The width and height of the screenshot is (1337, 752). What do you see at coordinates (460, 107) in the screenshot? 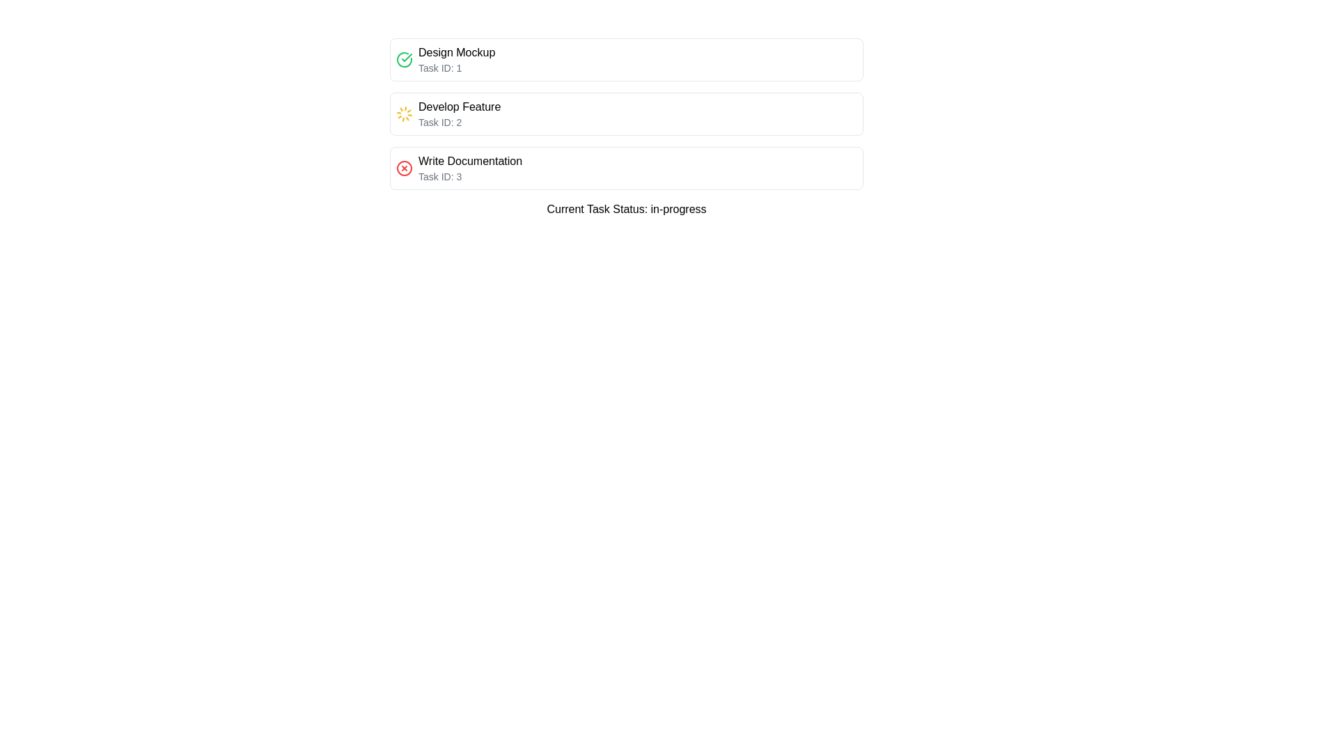
I see `the Text Label that identifies Task ID: 2, positioned between 'Design Mockup' and 'Write Documentation'` at bounding box center [460, 107].